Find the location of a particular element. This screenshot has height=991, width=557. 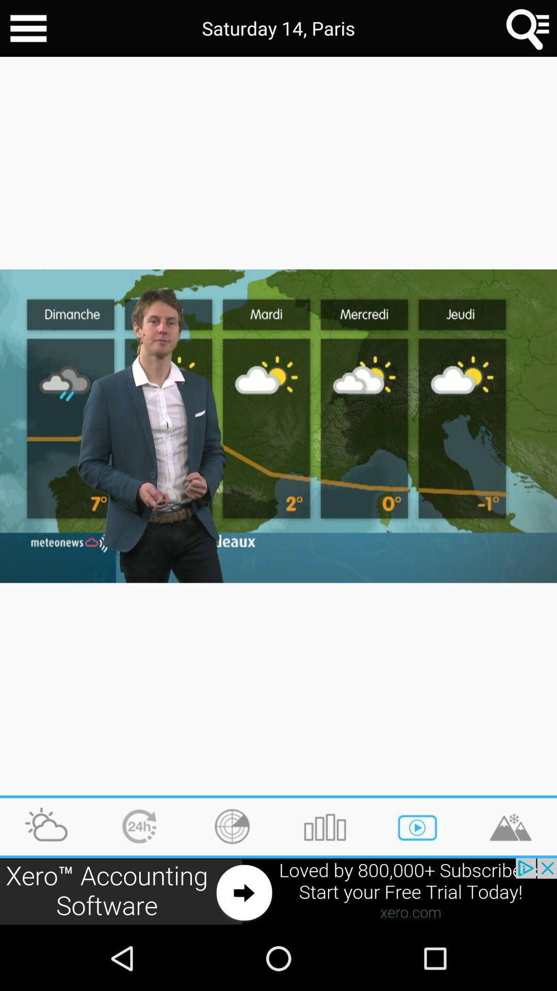

advertisement is located at coordinates (278, 891).